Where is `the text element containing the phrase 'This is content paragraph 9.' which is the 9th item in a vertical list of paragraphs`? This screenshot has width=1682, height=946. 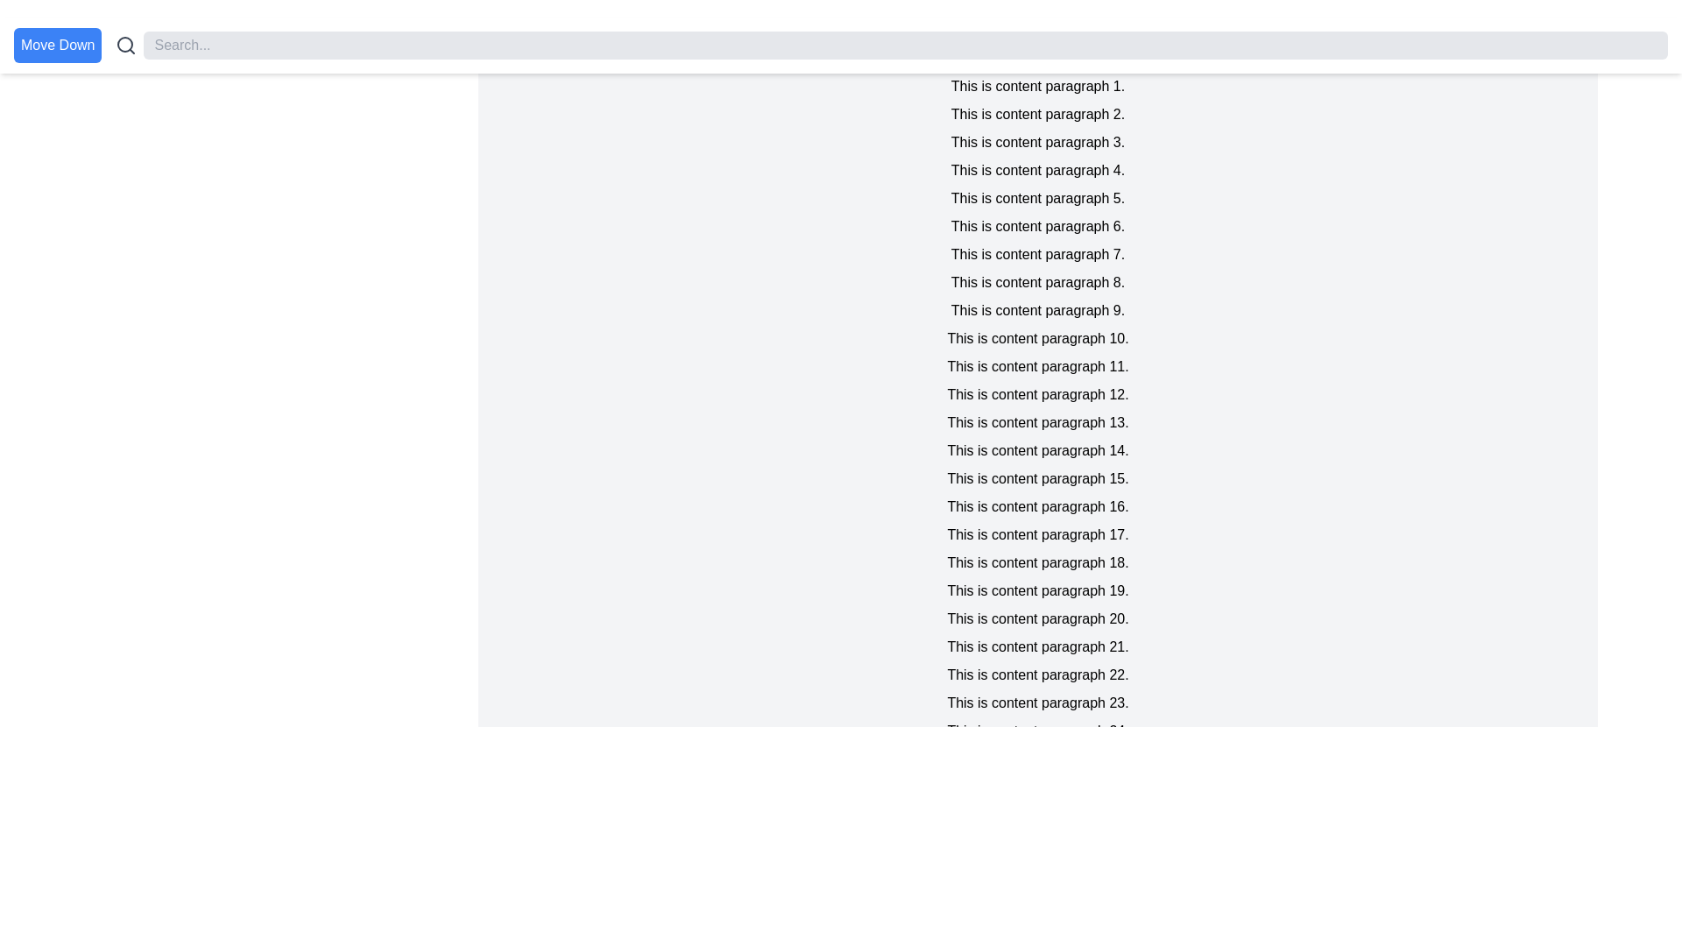
the text element containing the phrase 'This is content paragraph 9.' which is the 9th item in a vertical list of paragraphs is located at coordinates (1038, 309).